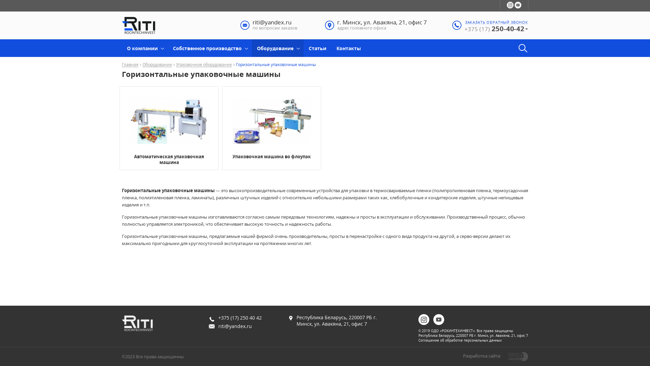  Describe the element at coordinates (235, 326) in the screenshot. I see `'riti@yandex.ru'` at that location.